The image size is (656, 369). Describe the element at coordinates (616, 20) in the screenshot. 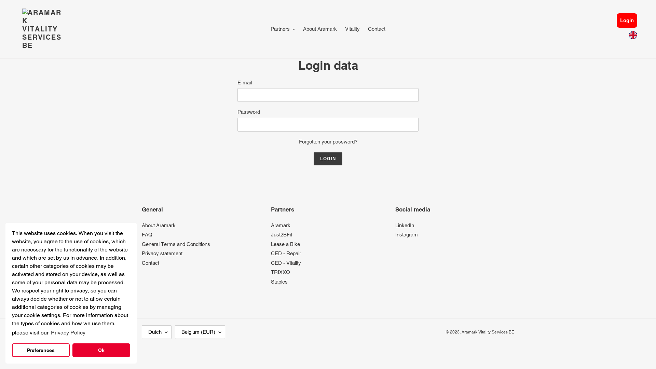

I see `'Login'` at that location.